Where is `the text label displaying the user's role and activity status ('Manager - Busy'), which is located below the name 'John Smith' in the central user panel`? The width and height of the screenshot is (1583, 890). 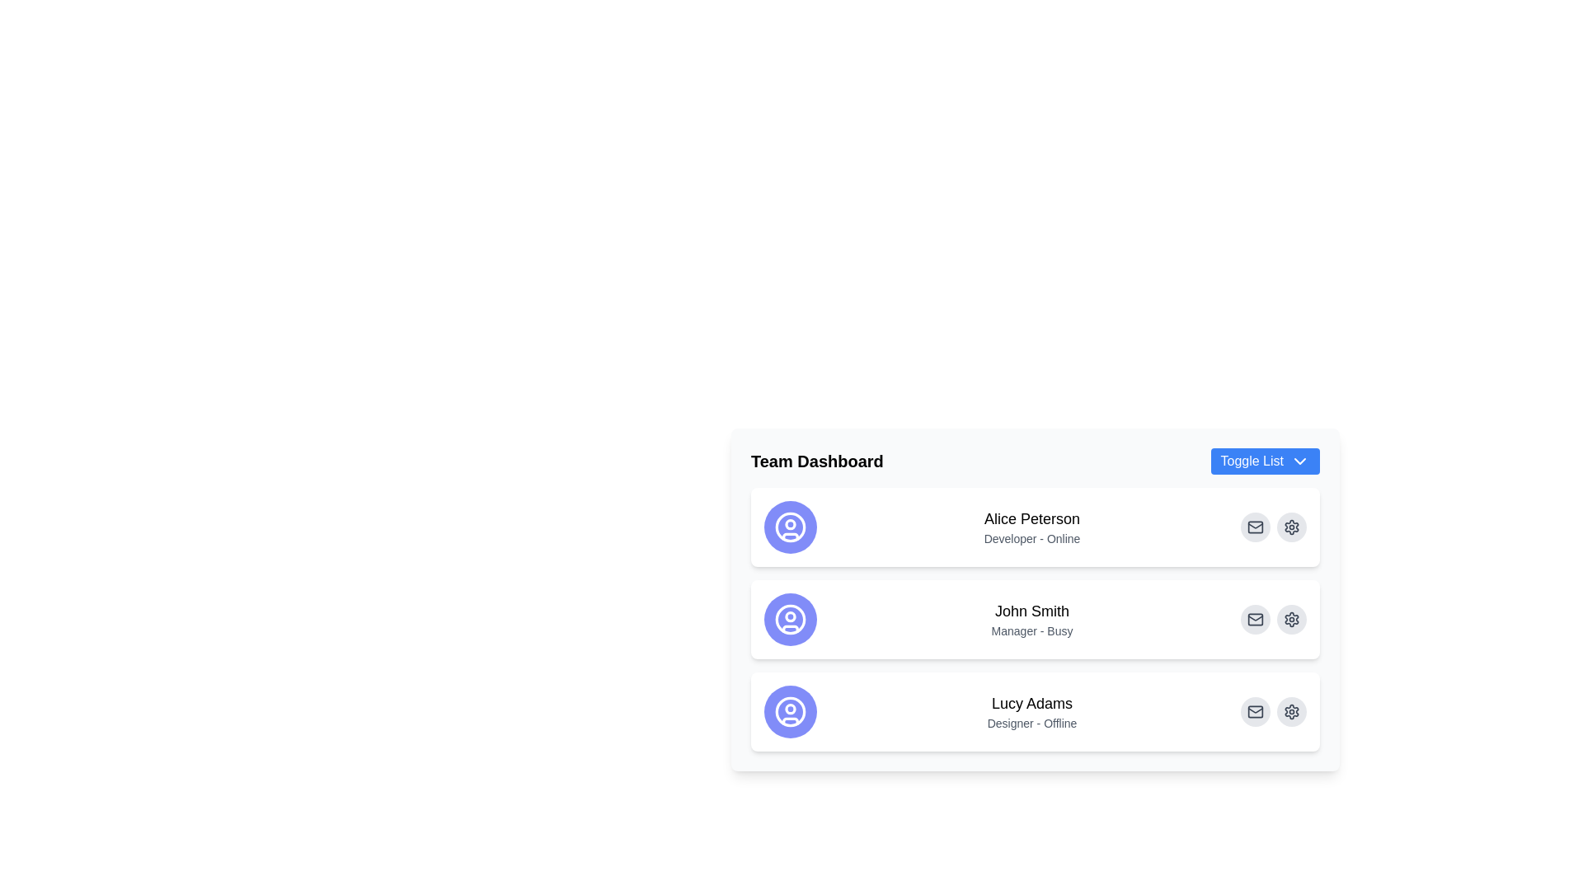 the text label displaying the user's role and activity status ('Manager - Busy'), which is located below the name 'John Smith' in the central user panel is located at coordinates (1031, 630).